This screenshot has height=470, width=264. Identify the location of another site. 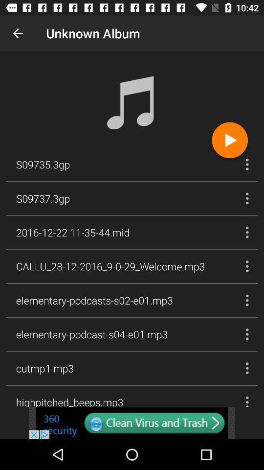
(132, 423).